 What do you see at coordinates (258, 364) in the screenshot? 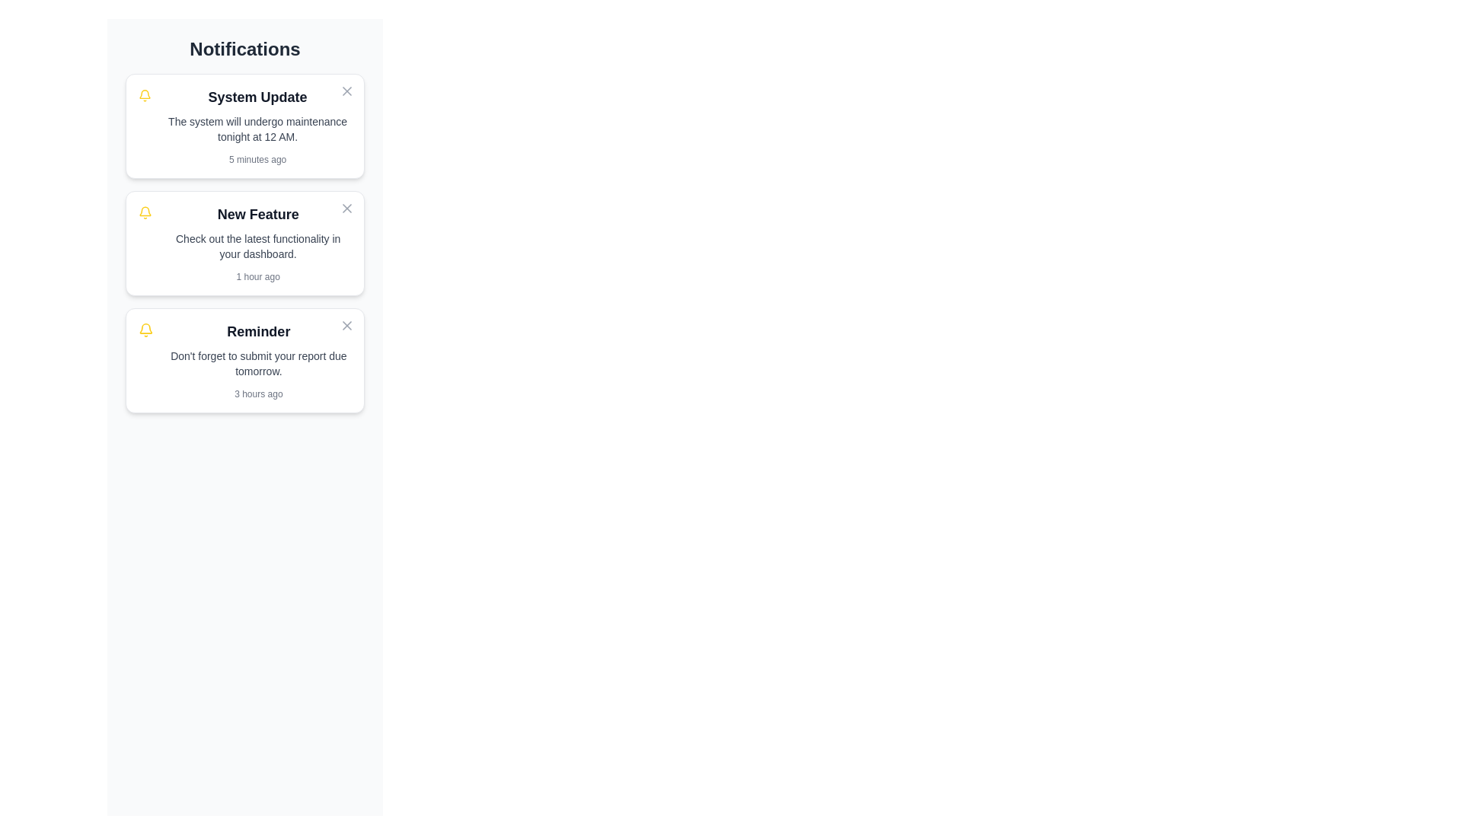
I see `the main content text of the reminder notification, which is located below the title 'Reminder' and above the timestamp '3 hours ago'` at bounding box center [258, 364].